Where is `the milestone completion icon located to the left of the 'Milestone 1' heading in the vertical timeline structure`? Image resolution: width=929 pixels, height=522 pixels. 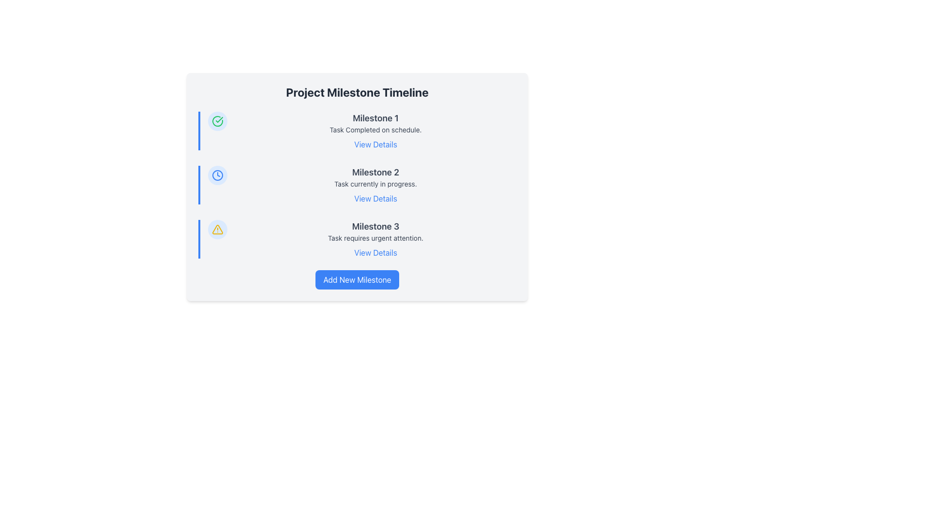
the milestone completion icon located to the left of the 'Milestone 1' heading in the vertical timeline structure is located at coordinates (217, 120).